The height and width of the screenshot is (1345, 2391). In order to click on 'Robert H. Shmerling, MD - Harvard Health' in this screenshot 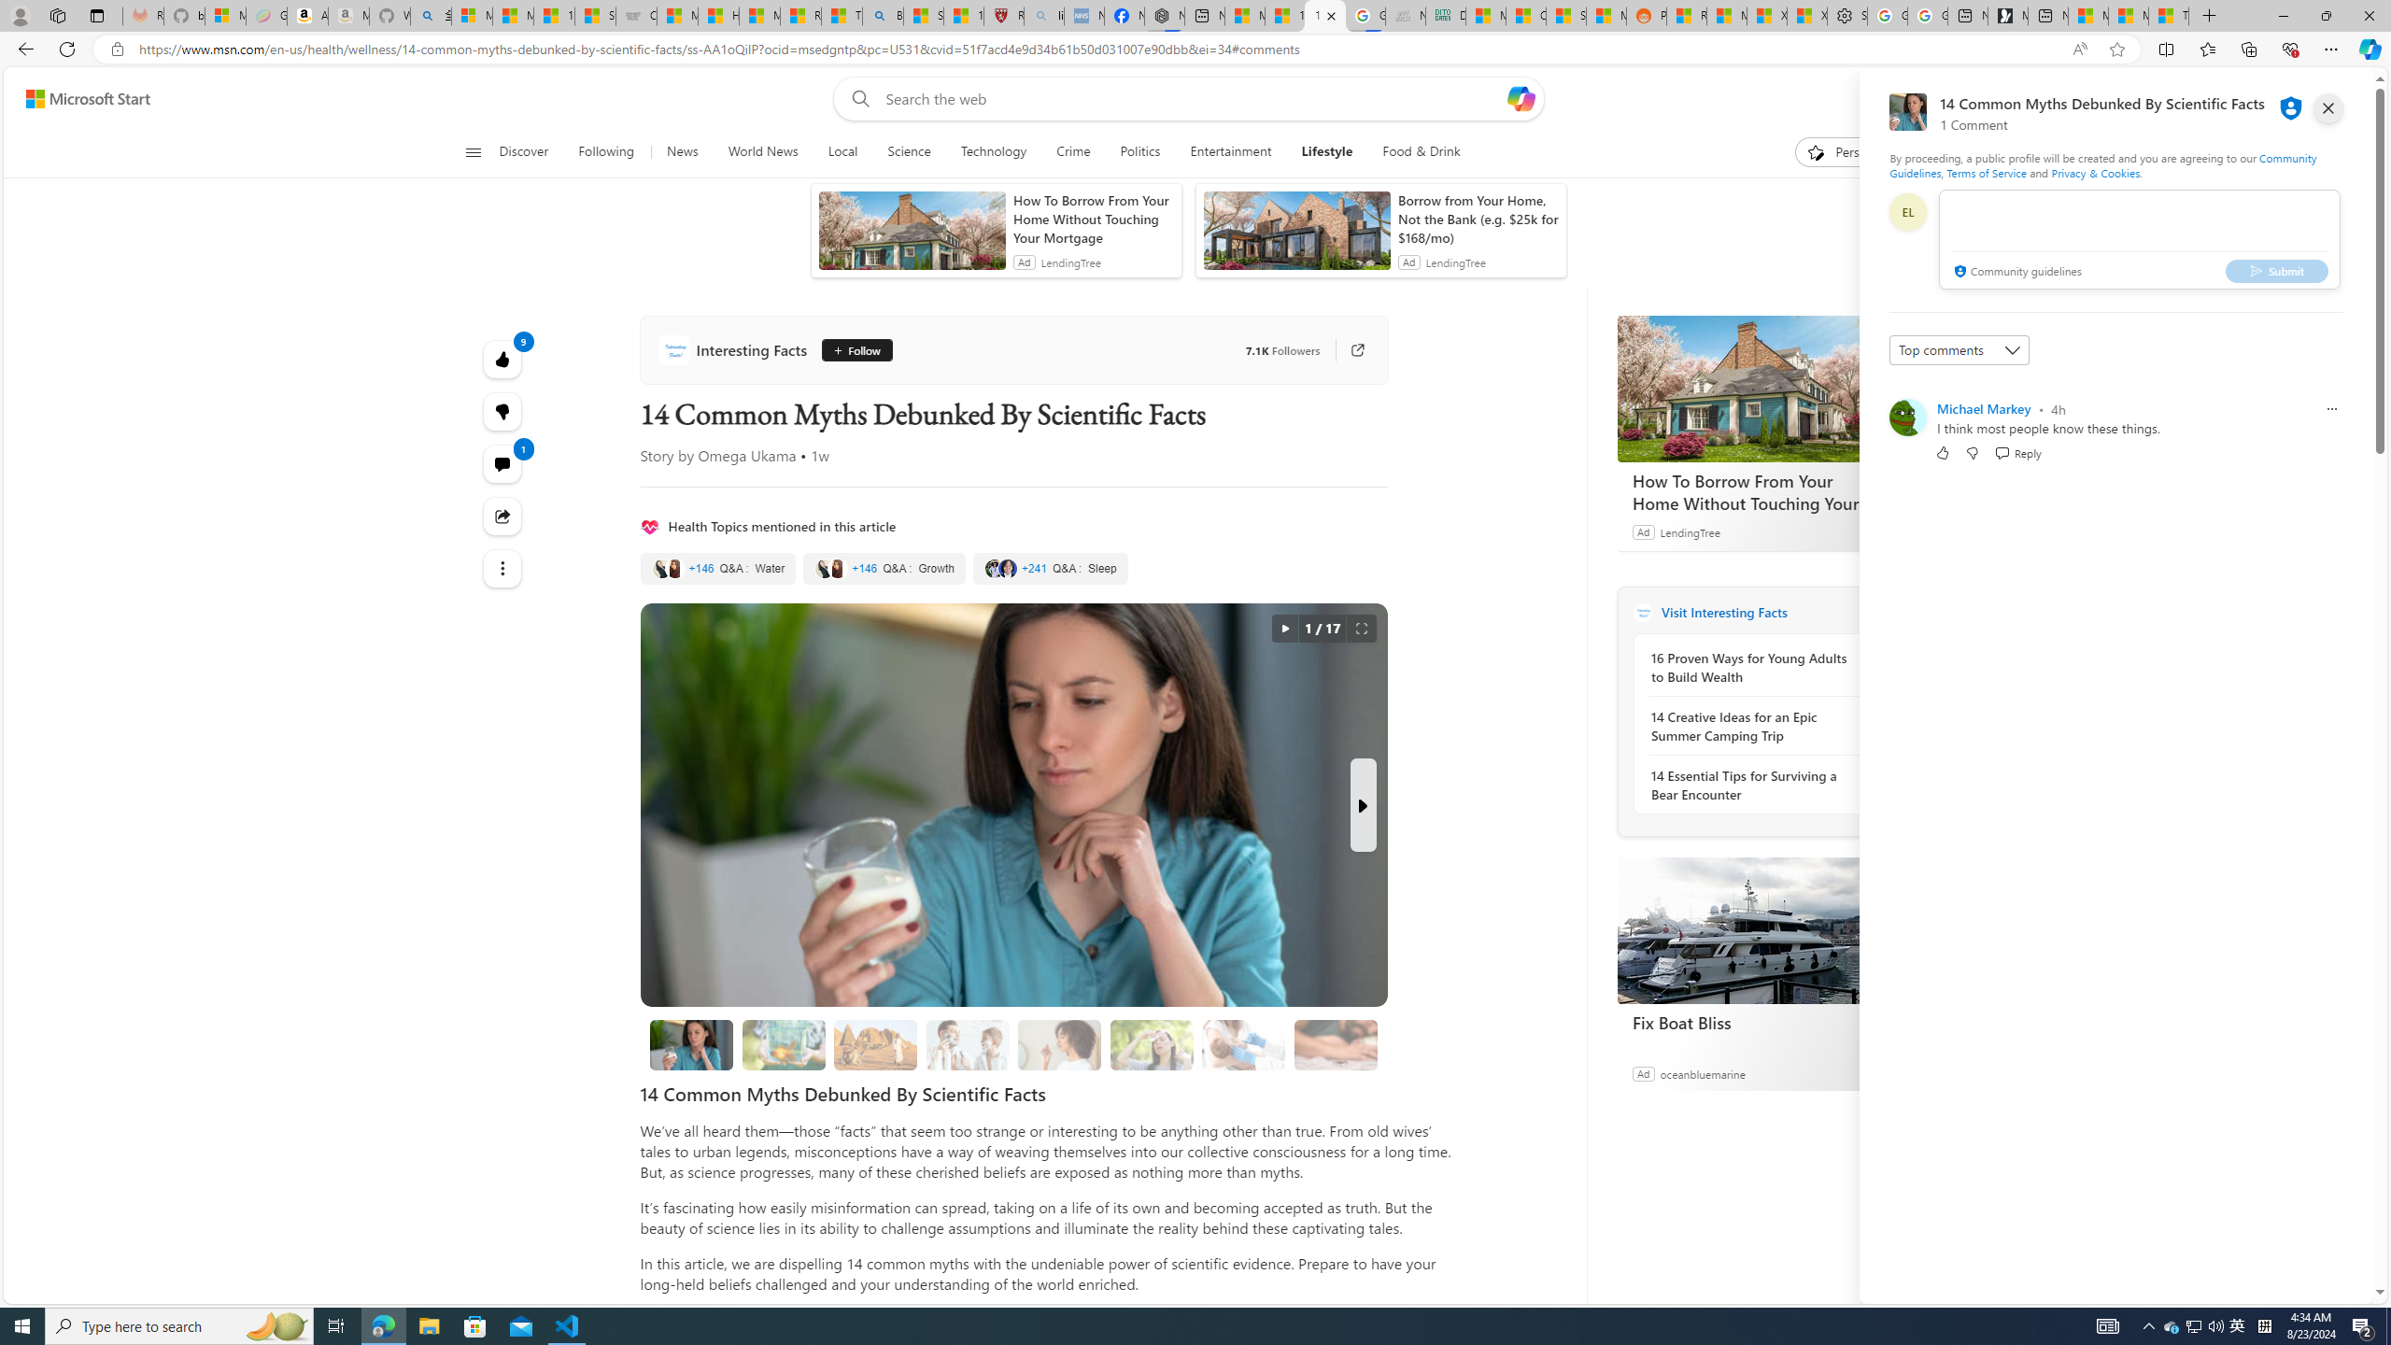, I will do `click(1004, 15)`.